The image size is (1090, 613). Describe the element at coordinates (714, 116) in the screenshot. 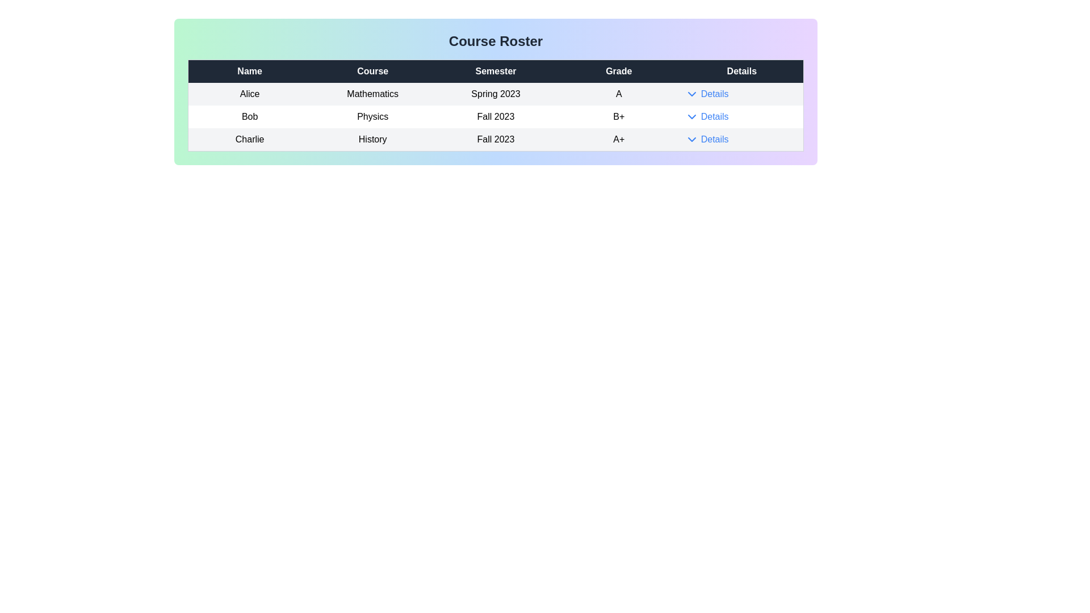

I see `the blue-colored text label 'Details' in the second row of the table under the 'Details' column` at that location.